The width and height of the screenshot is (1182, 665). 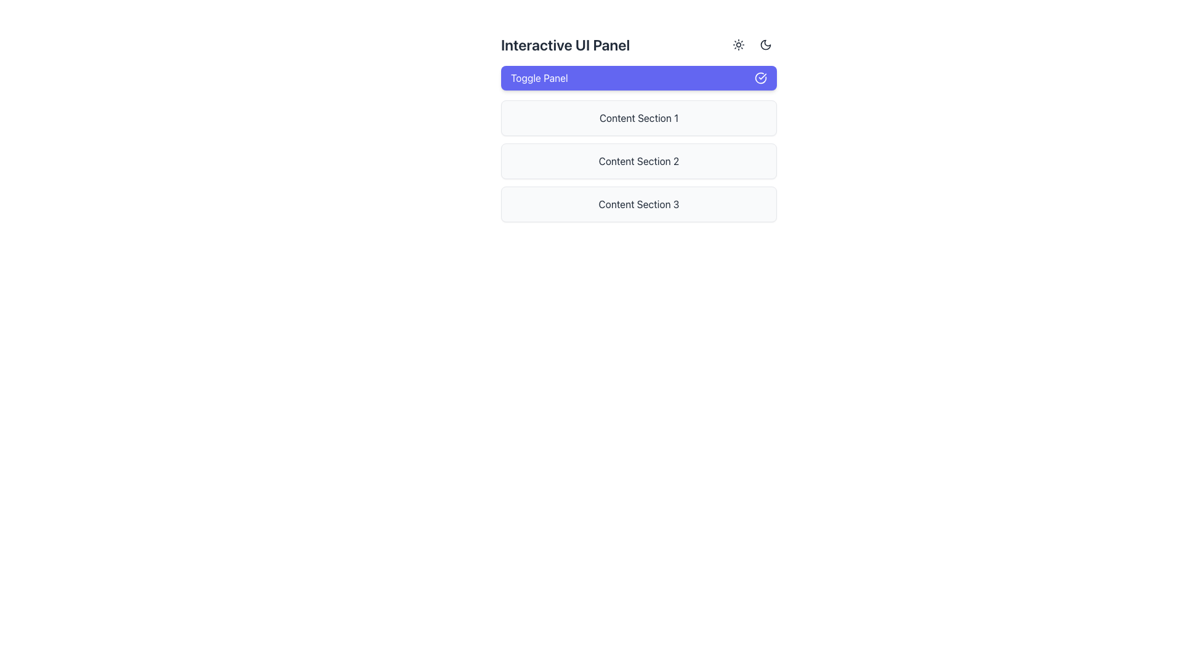 What do you see at coordinates (638, 161) in the screenshot?
I see `the 'Content Section 2' label, which is the second rectangular section in a vertically stacked list with a light gray background and dark font text` at bounding box center [638, 161].